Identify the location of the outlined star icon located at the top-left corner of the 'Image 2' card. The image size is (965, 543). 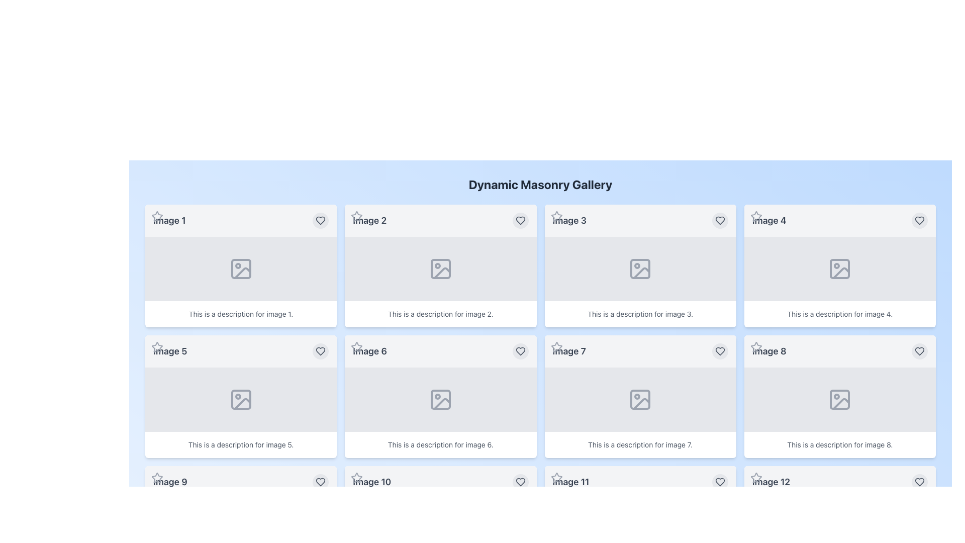
(357, 216).